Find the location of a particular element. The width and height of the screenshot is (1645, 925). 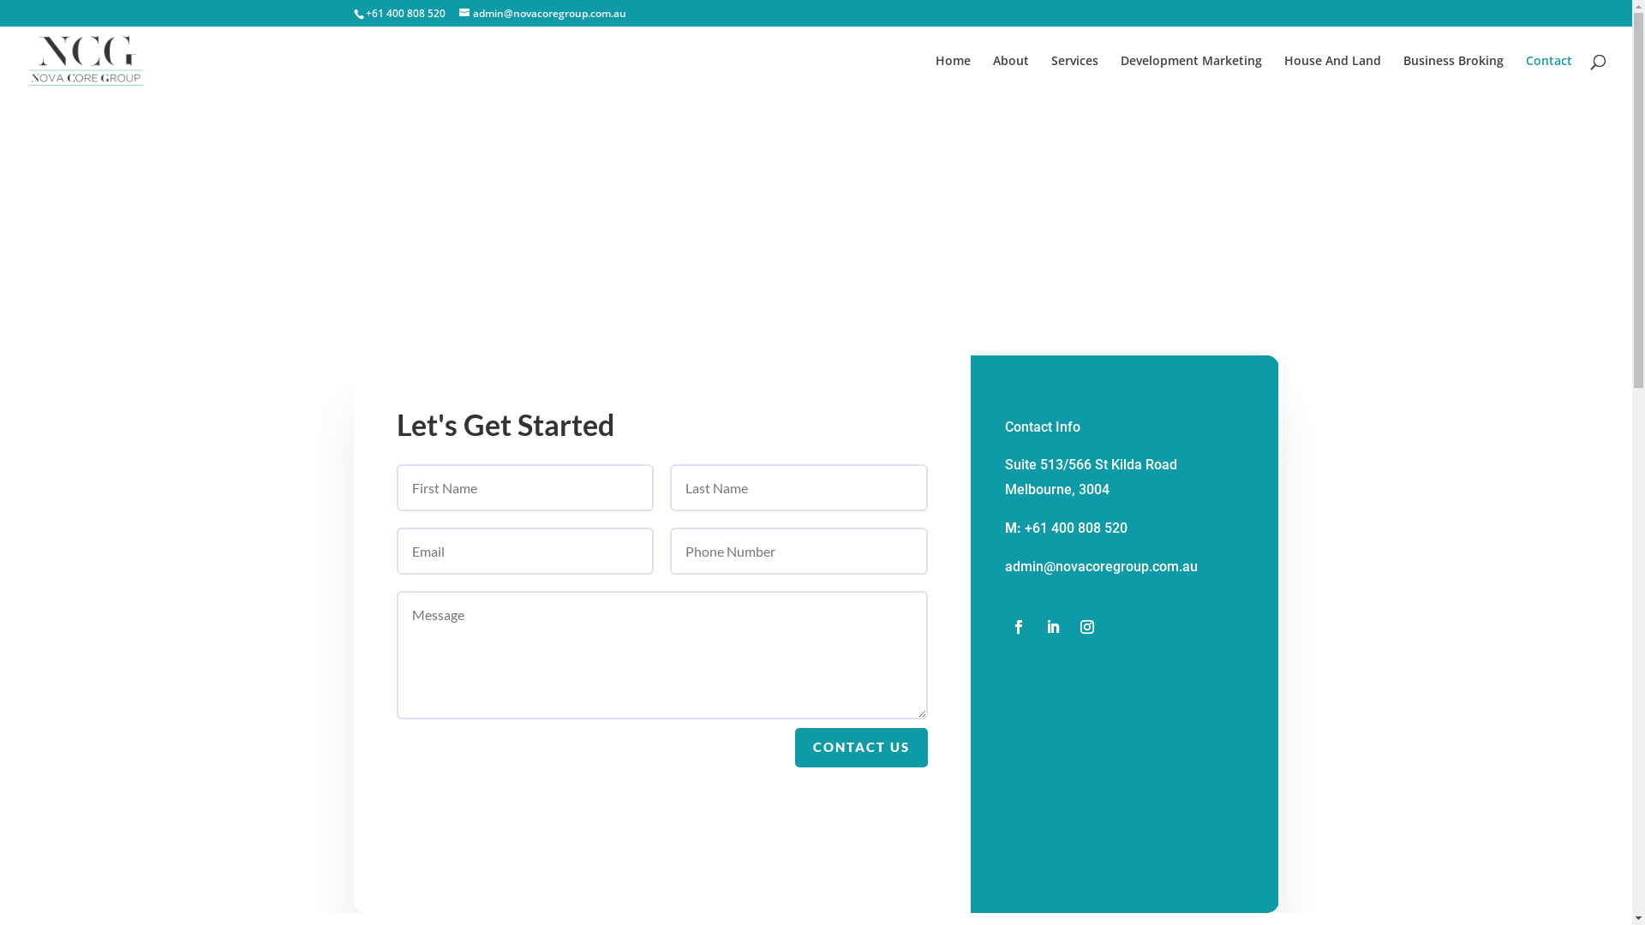

'Development Marketing' is located at coordinates (1190, 74).